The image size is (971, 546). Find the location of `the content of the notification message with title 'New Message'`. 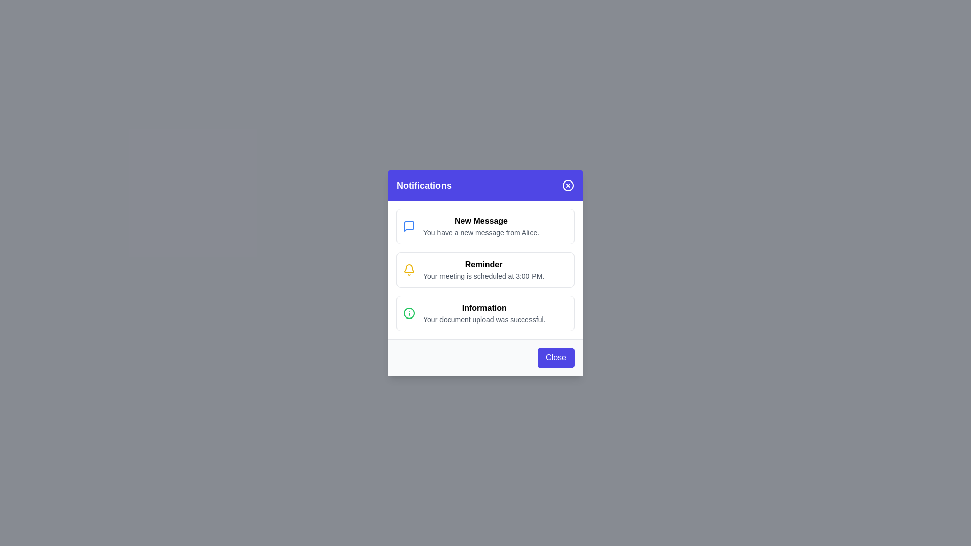

the content of the notification message with title 'New Message' is located at coordinates (485, 225).